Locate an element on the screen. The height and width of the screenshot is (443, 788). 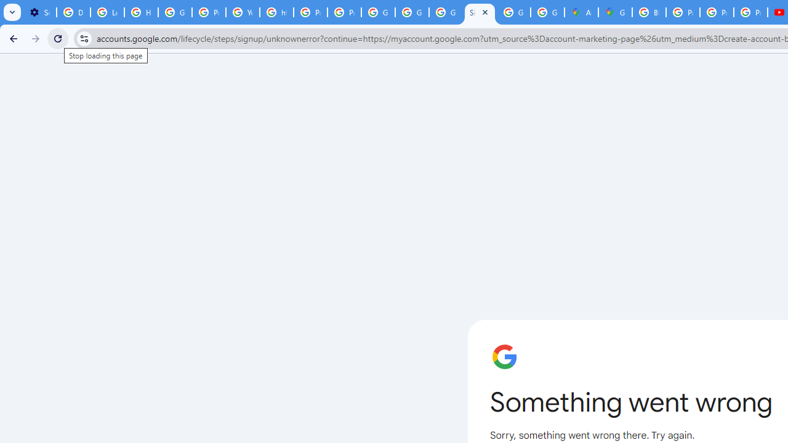
'Learn how to find your photos - Google Photos Help' is located at coordinates (107, 12).